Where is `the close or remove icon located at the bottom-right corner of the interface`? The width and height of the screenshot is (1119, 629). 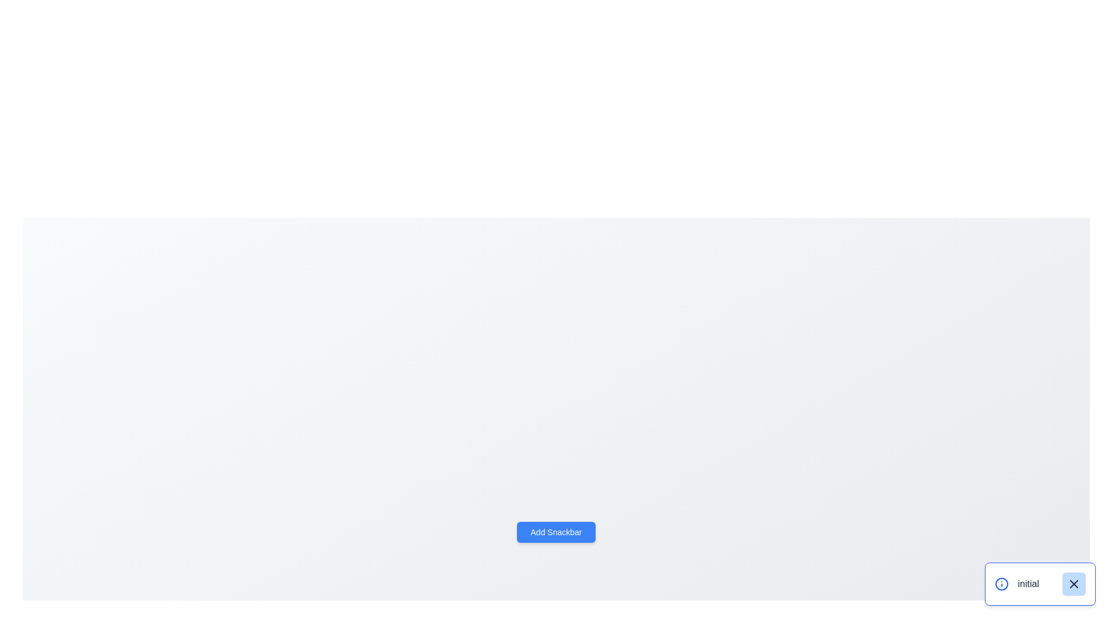
the close or remove icon located at the bottom-right corner of the interface is located at coordinates (1074, 584).